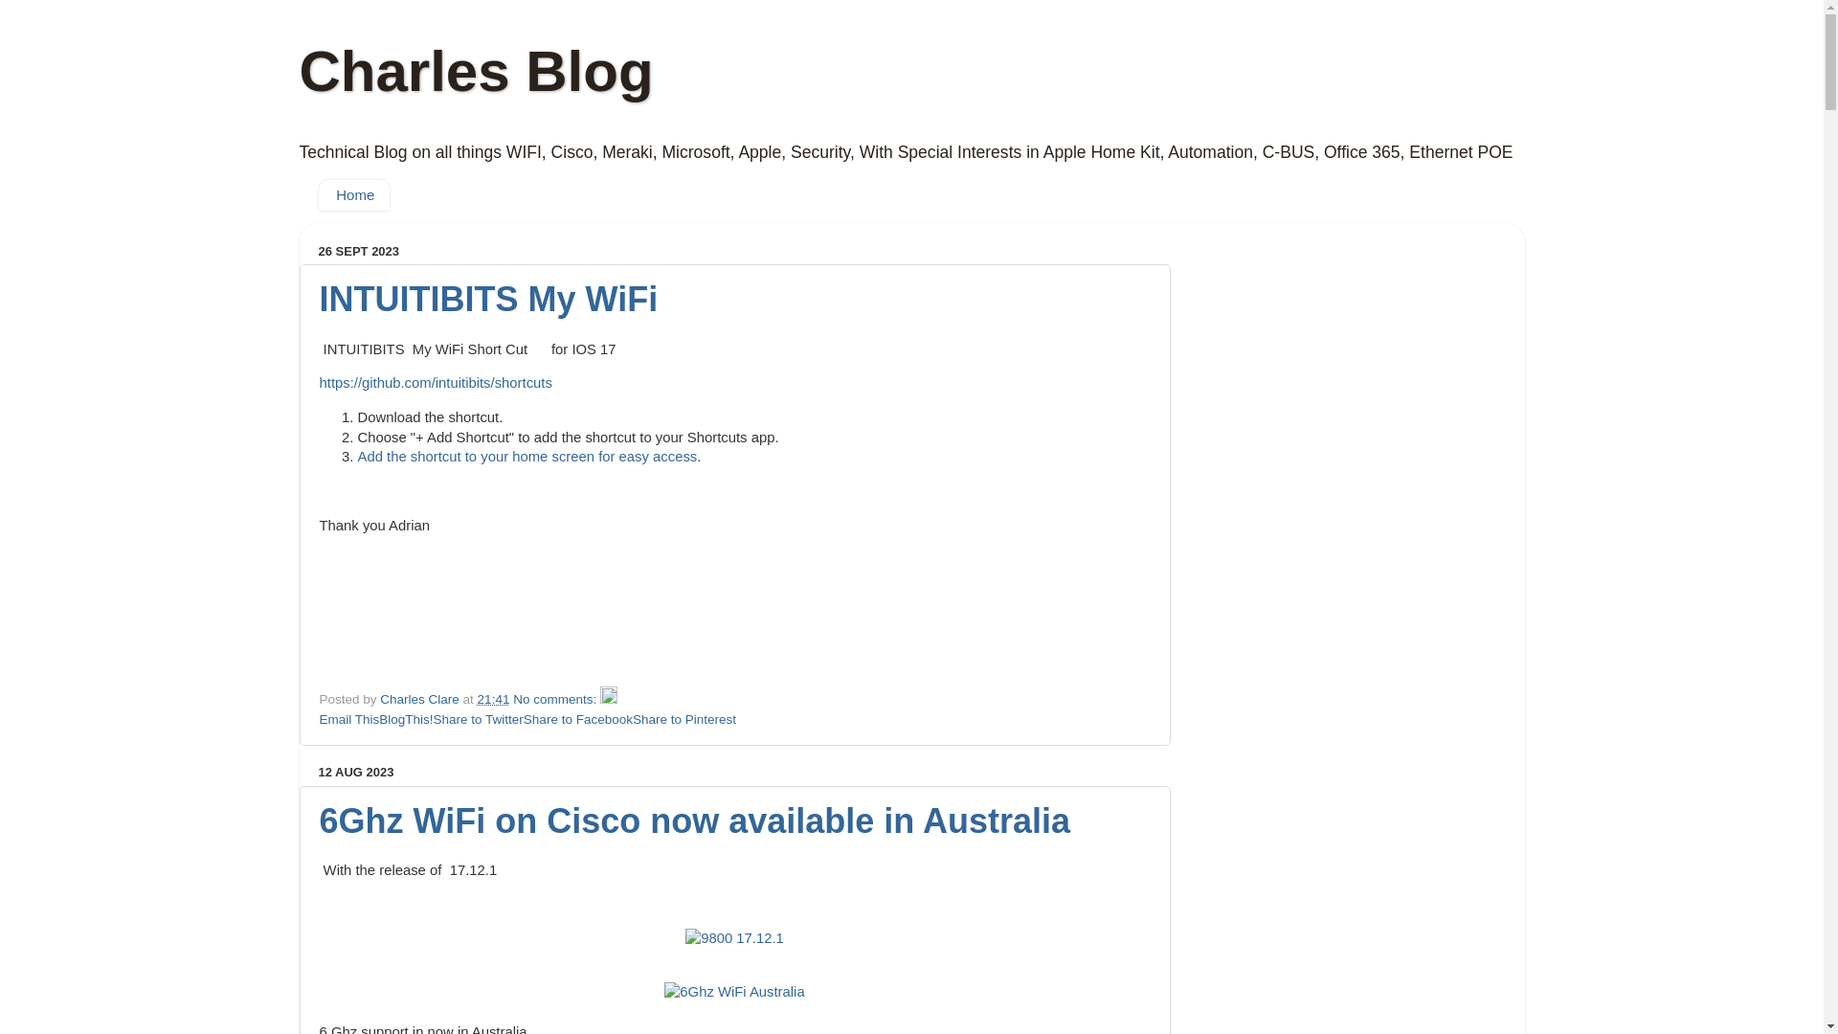 The width and height of the screenshot is (1838, 1034). I want to click on 'https://github.com/intuitibits/shortcuts', so click(435, 383).